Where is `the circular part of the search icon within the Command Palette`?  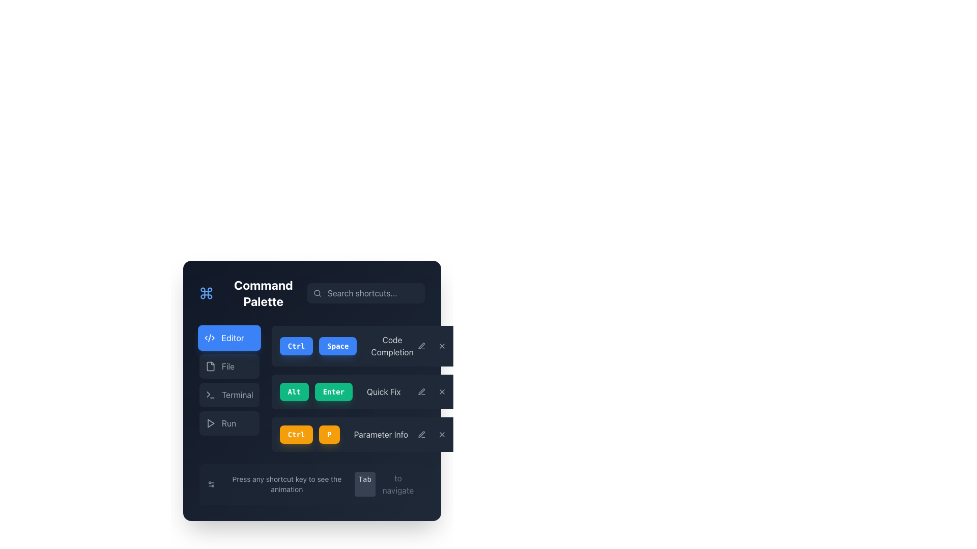 the circular part of the search icon within the Command Palette is located at coordinates (317, 293).